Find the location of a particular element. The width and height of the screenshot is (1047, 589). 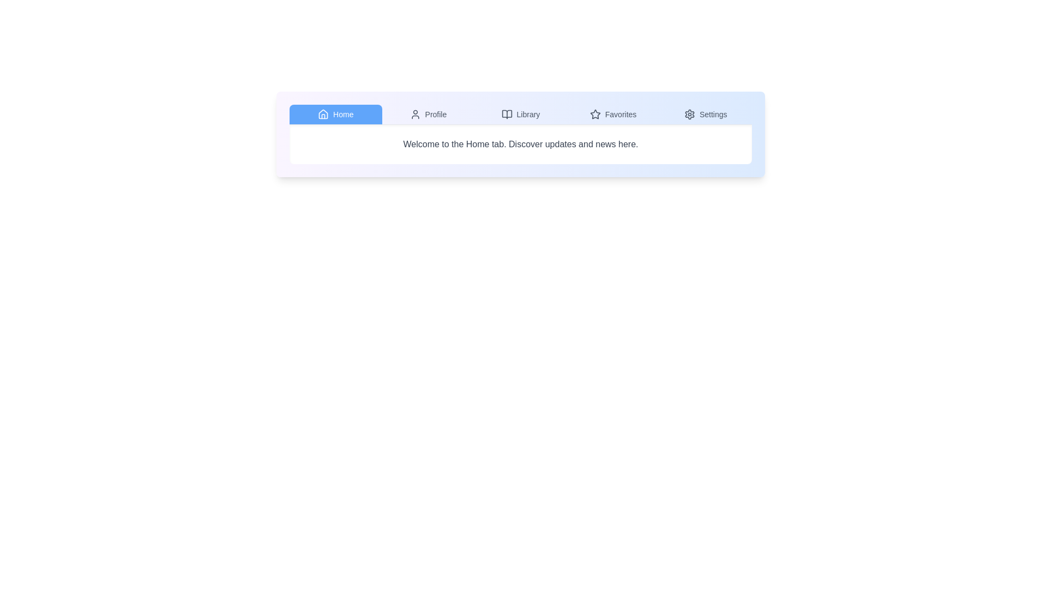

the profile icon located in the top navigation bar, positioned between the Home and Library tabs is located at coordinates (414, 114).